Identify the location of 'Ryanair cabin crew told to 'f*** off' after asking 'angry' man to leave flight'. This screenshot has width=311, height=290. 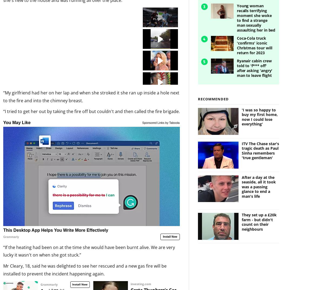
(254, 59).